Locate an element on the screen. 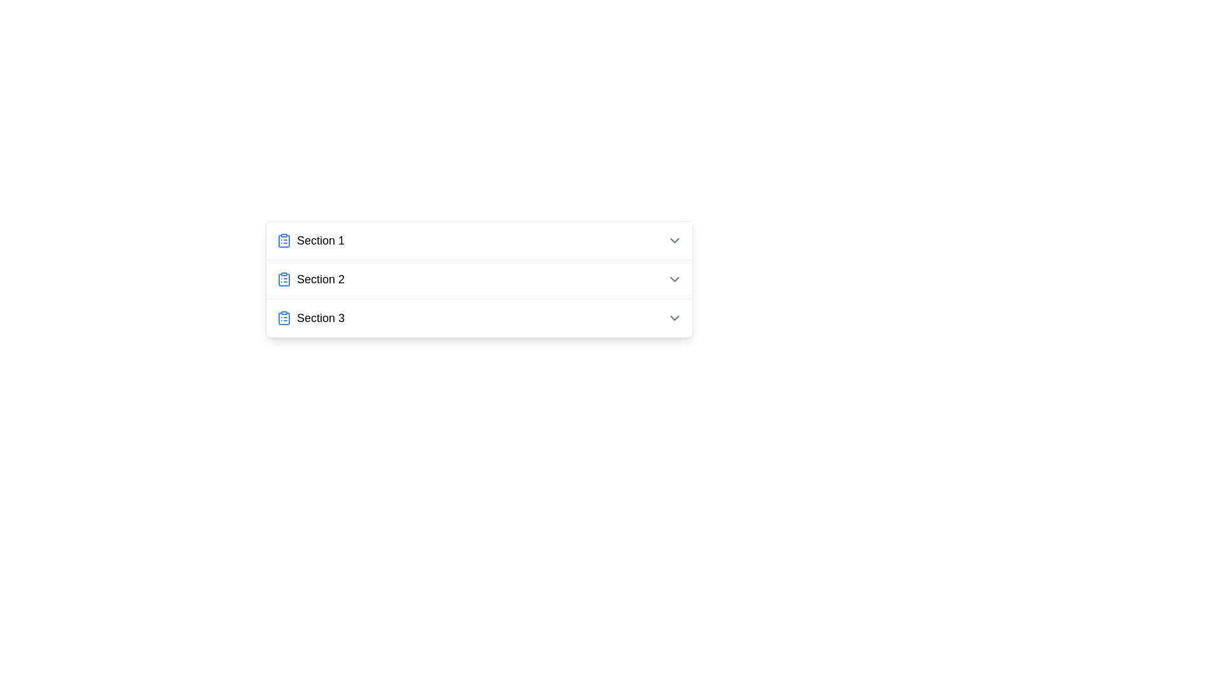 The width and height of the screenshot is (1221, 686). the third list item, which features a clipboard icon and the text 'Section 3' in bold is located at coordinates (310, 318).